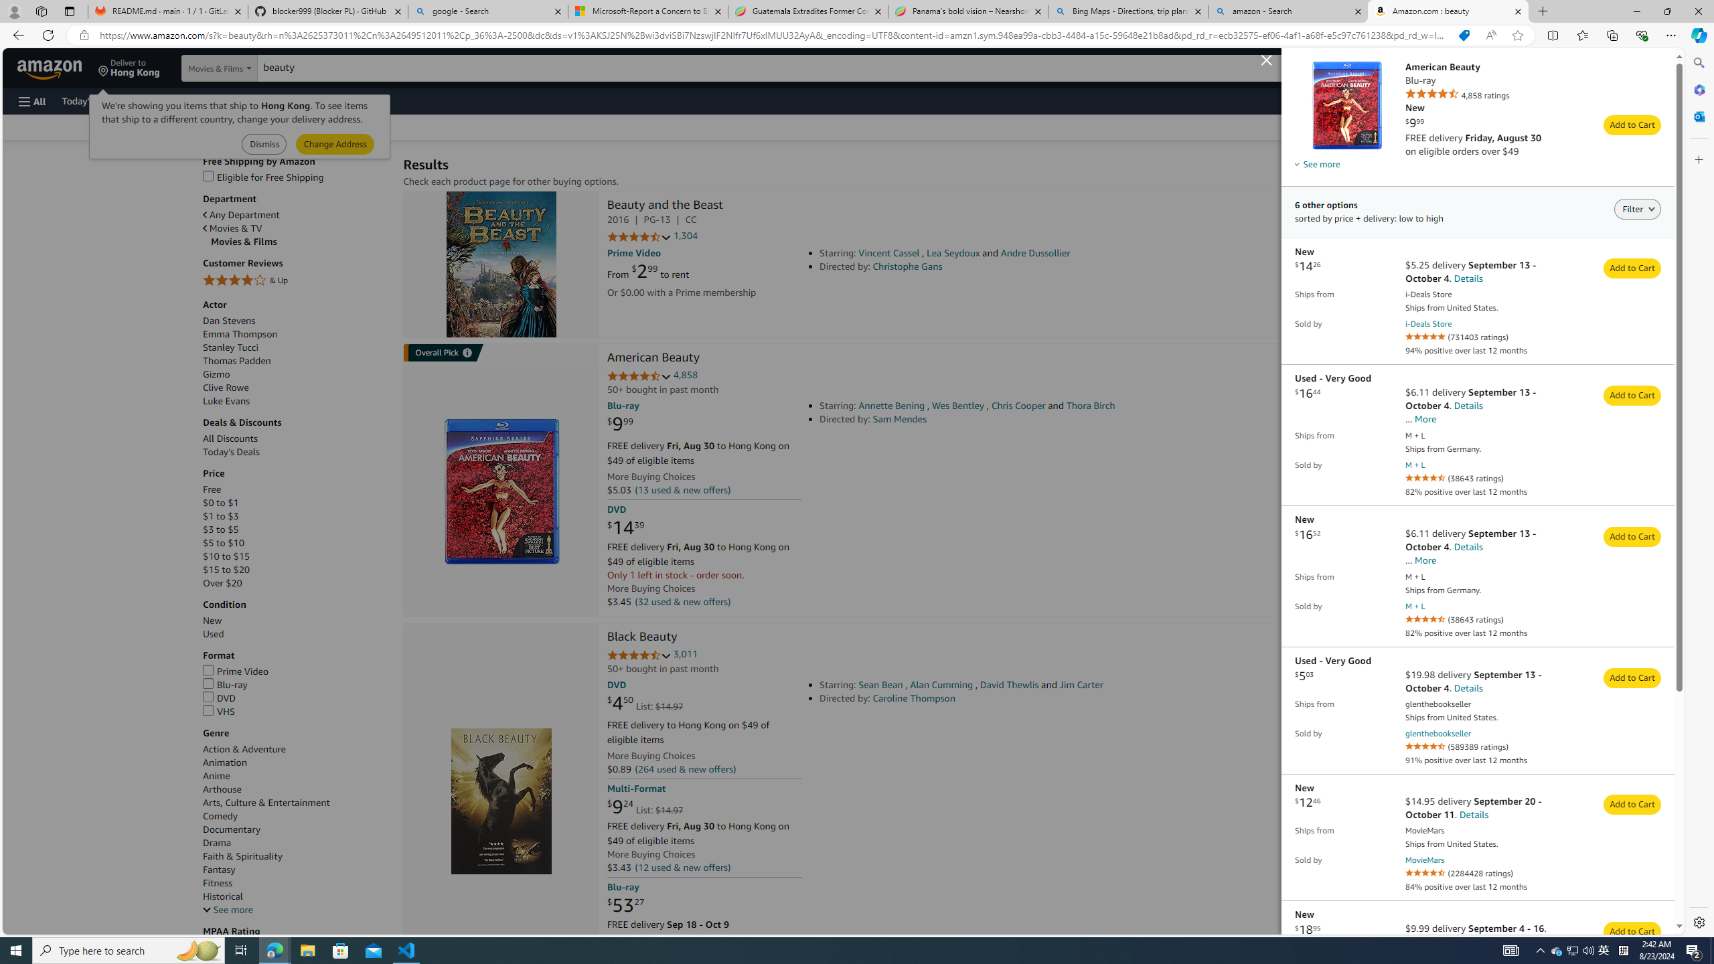 Image resolution: width=1714 pixels, height=964 pixels. What do you see at coordinates (907, 266) in the screenshot?
I see `'Christophe Gans'` at bounding box center [907, 266].